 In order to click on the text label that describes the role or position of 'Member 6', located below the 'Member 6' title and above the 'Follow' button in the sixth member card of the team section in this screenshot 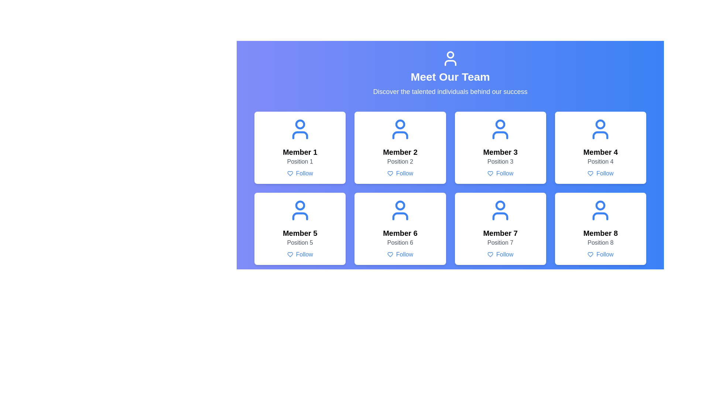, I will do `click(400, 243)`.